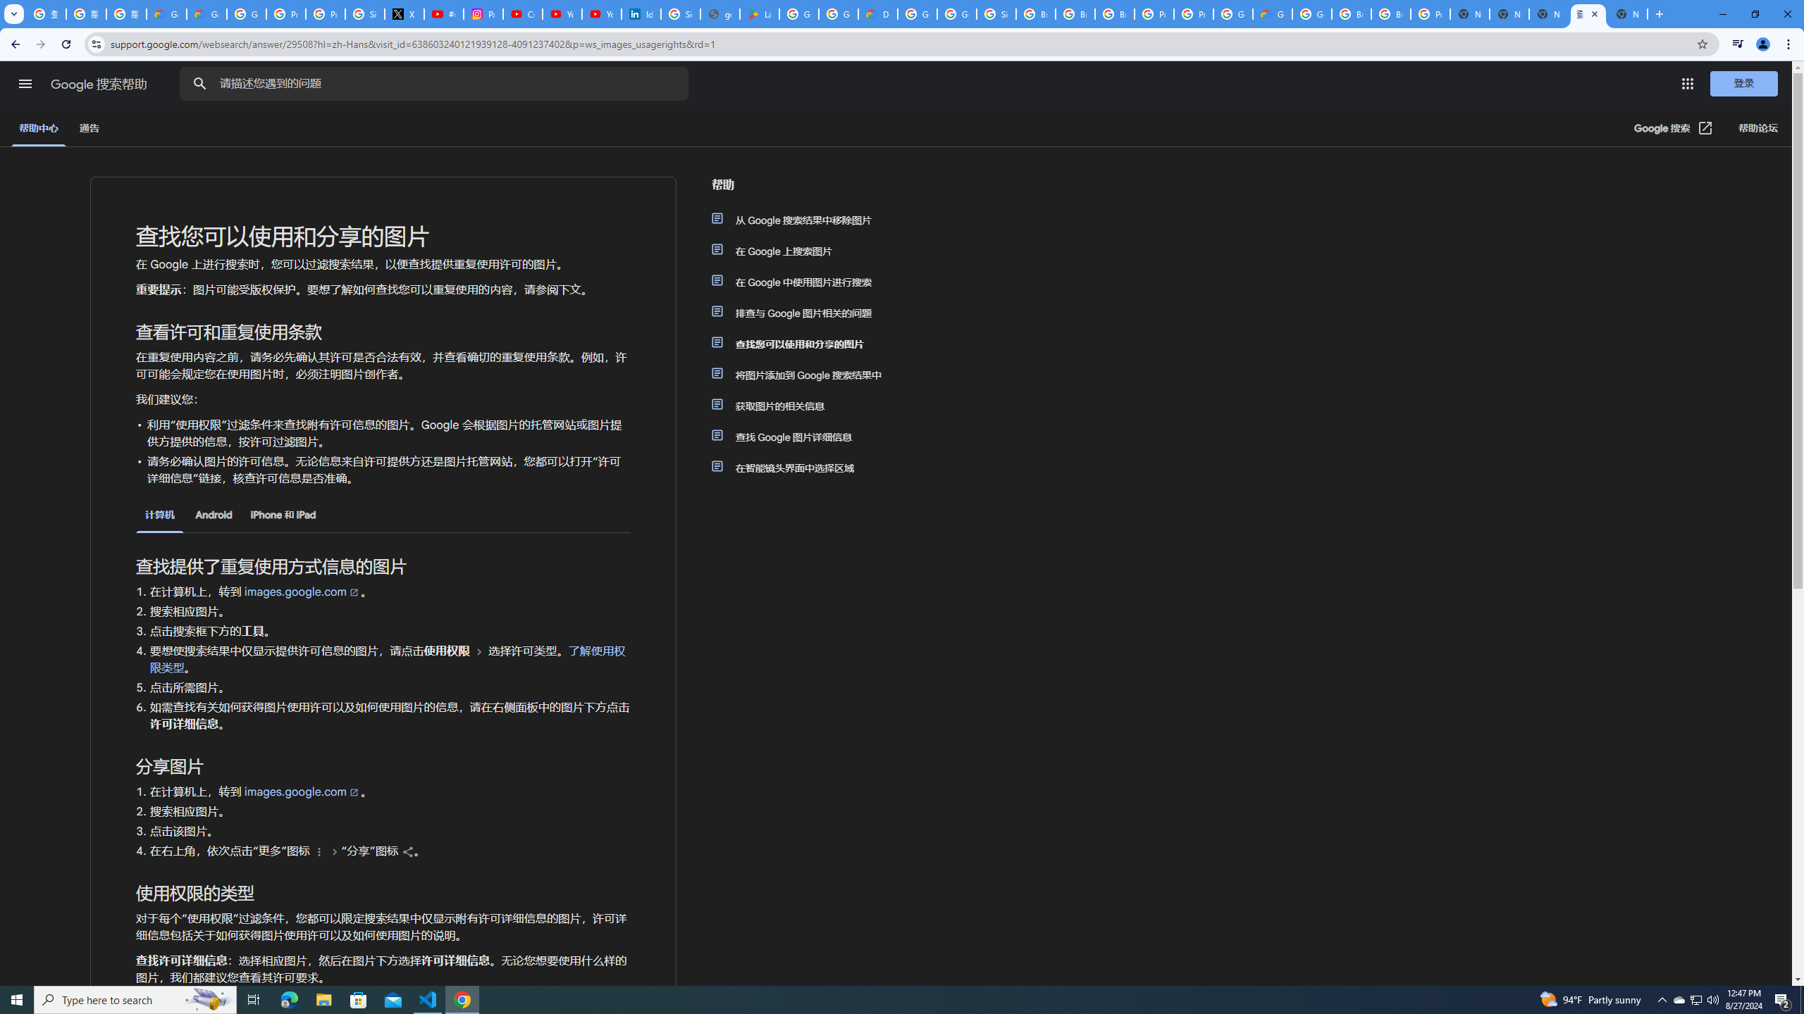 Image resolution: width=1804 pixels, height=1014 pixels. Describe the element at coordinates (445, 13) in the screenshot. I see `'#nbabasketballhighlights - YouTube'` at that location.